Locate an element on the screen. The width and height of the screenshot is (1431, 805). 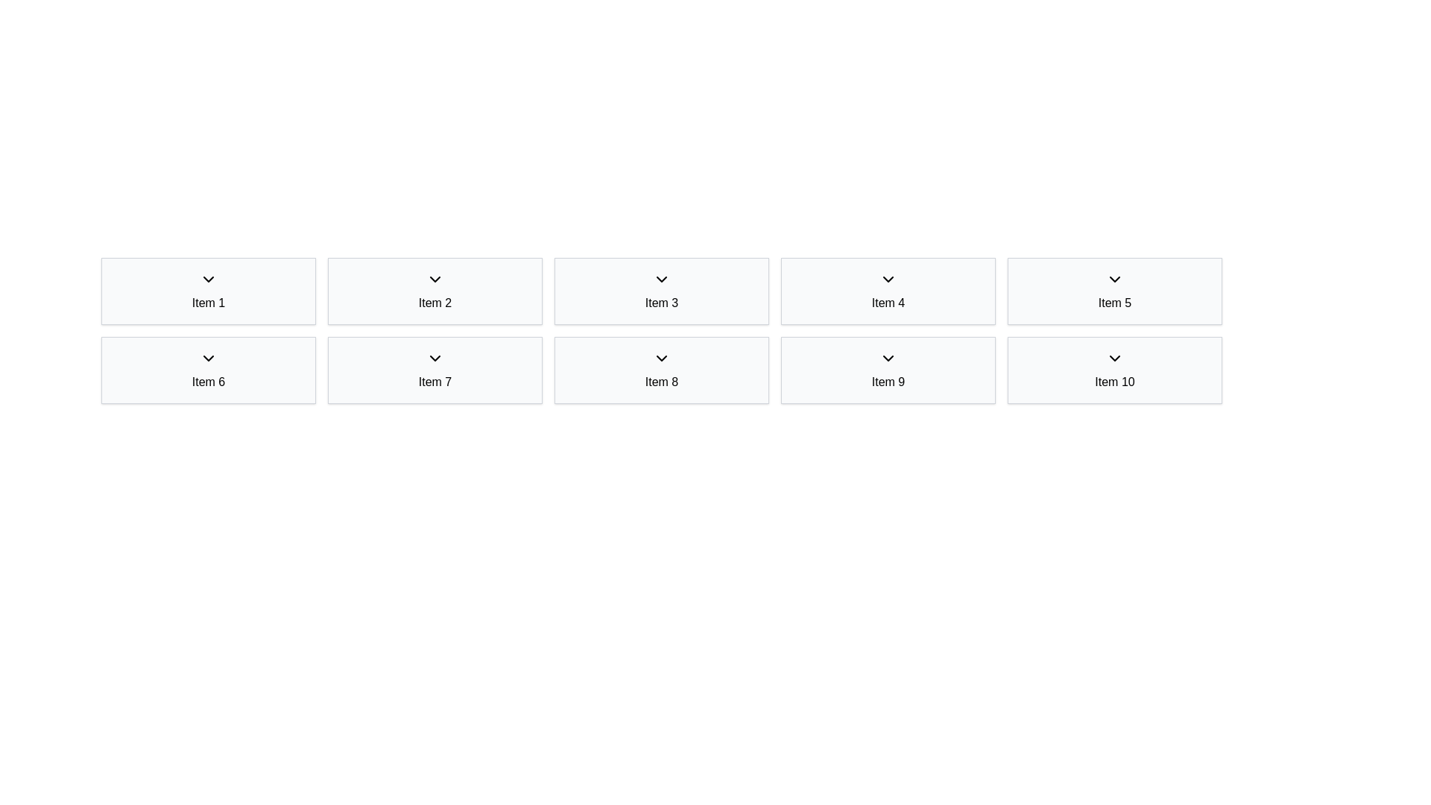
the descriptive label text located centrally underneath the chevron icon in the sixth item of the two-row grid structure is located at coordinates (207, 382).